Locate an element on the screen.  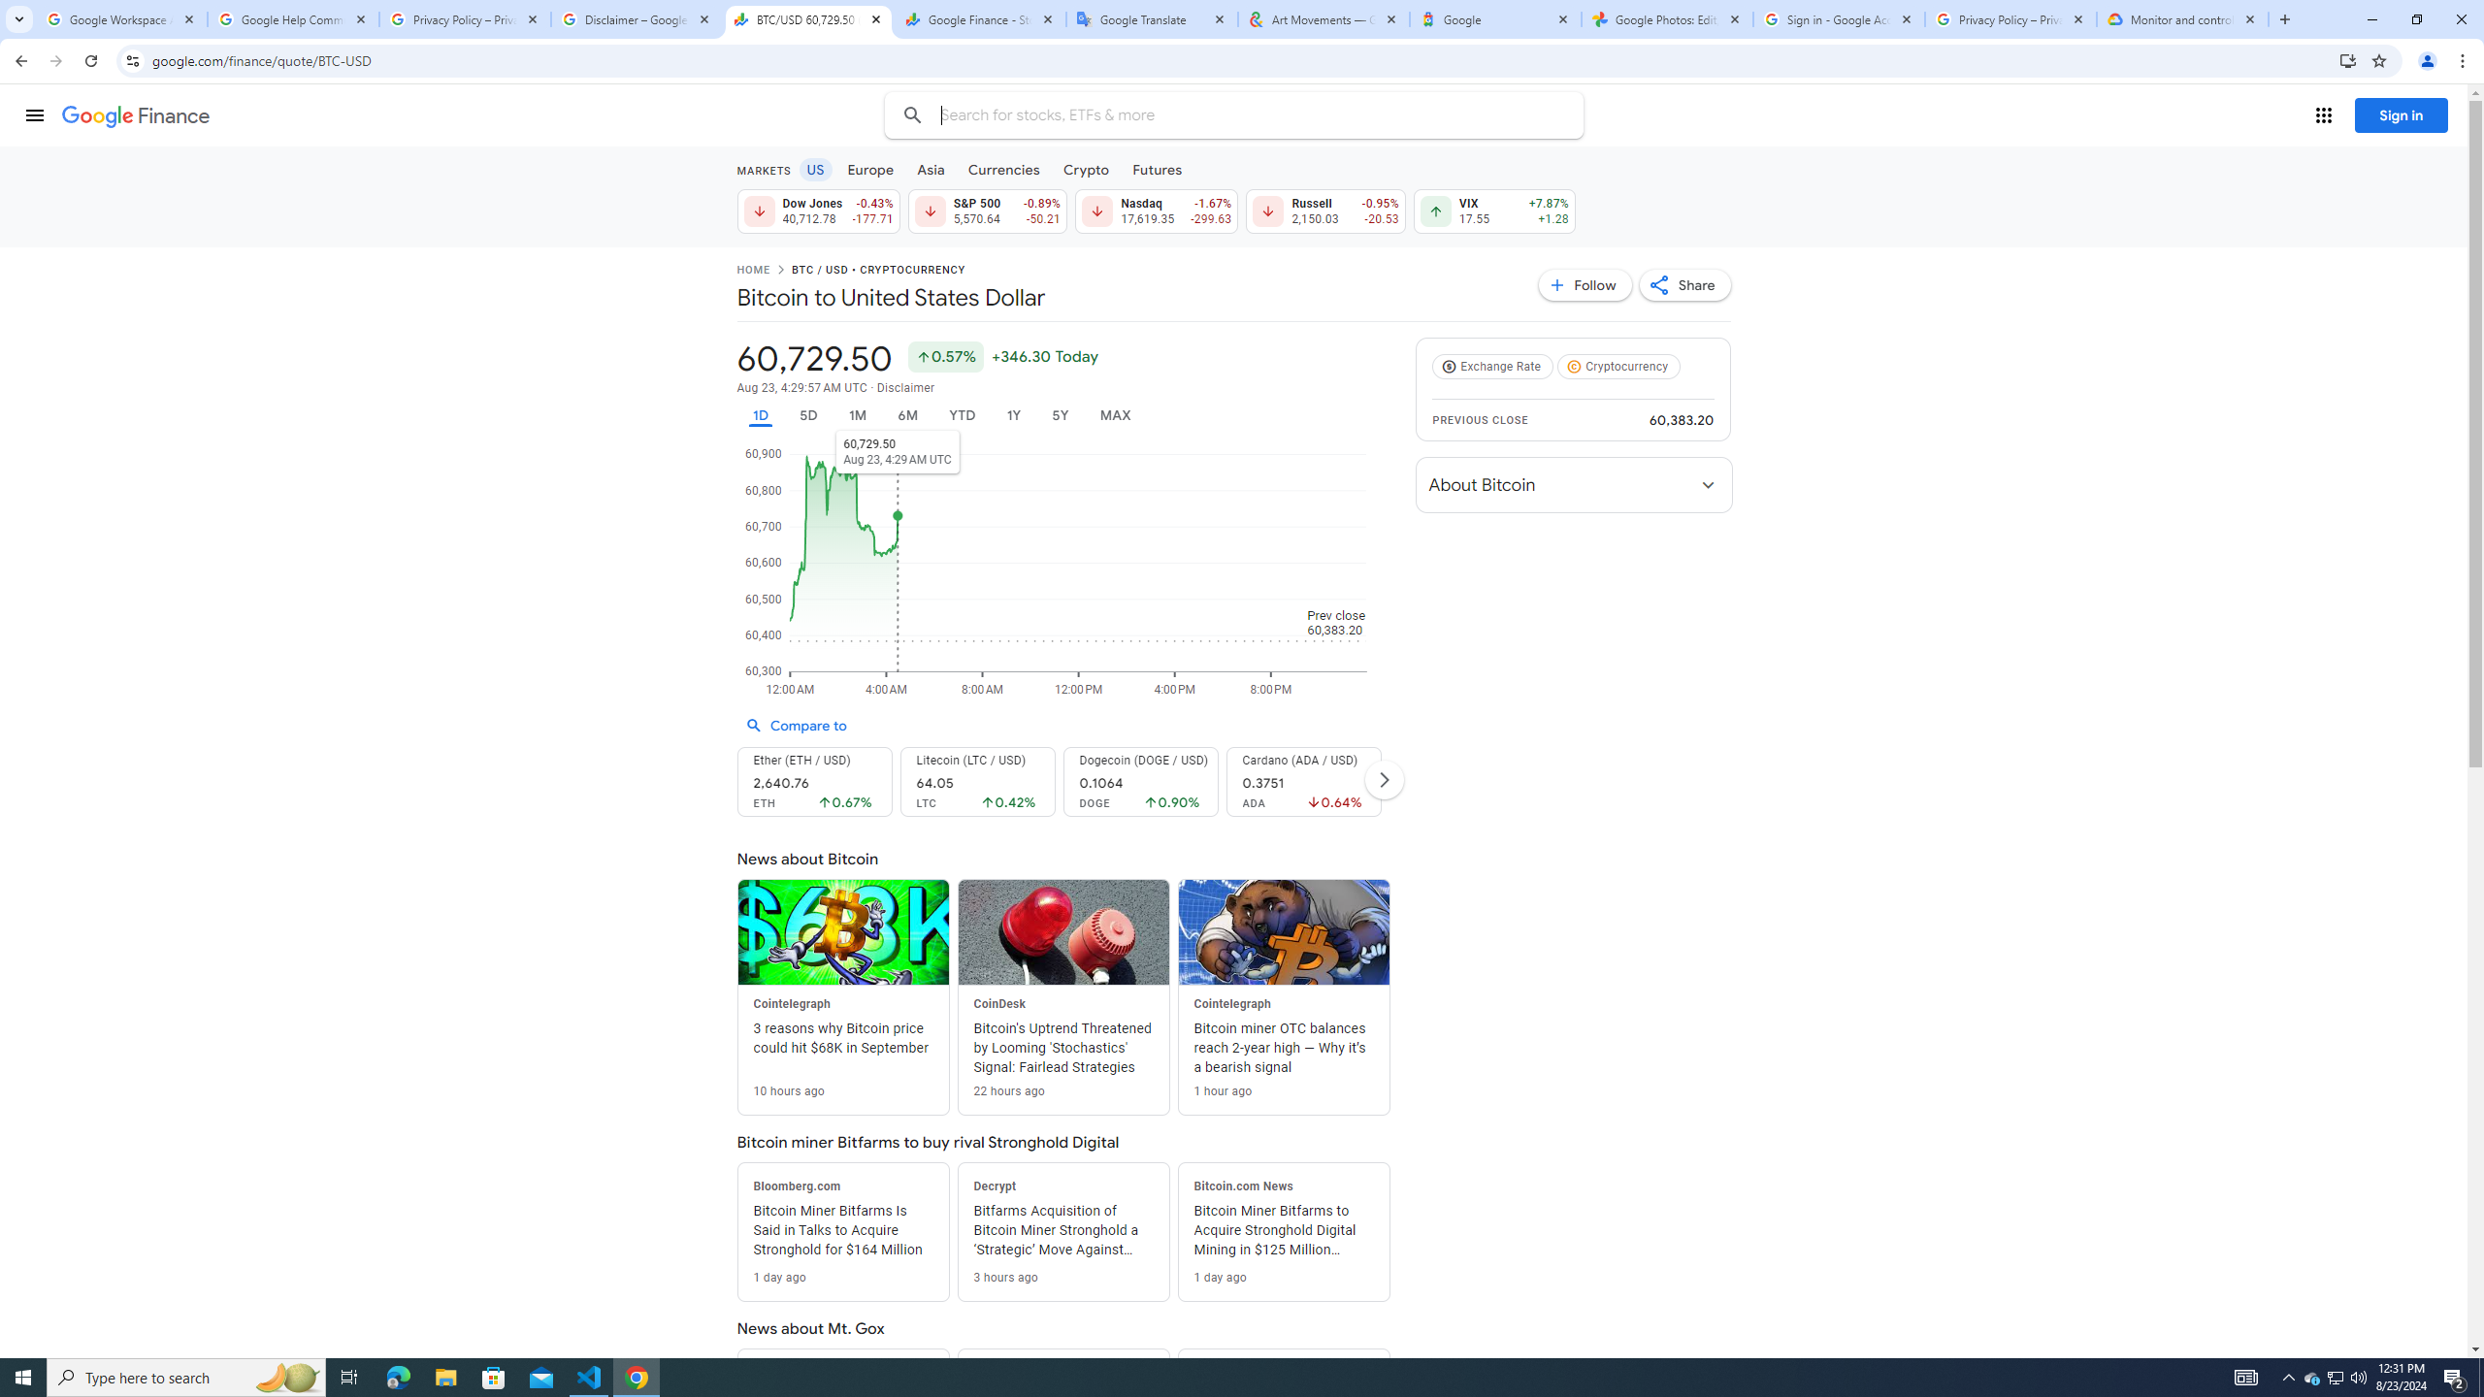
'VIX 17.55 Up by 7.87% +1.28' is located at coordinates (1492, 211).